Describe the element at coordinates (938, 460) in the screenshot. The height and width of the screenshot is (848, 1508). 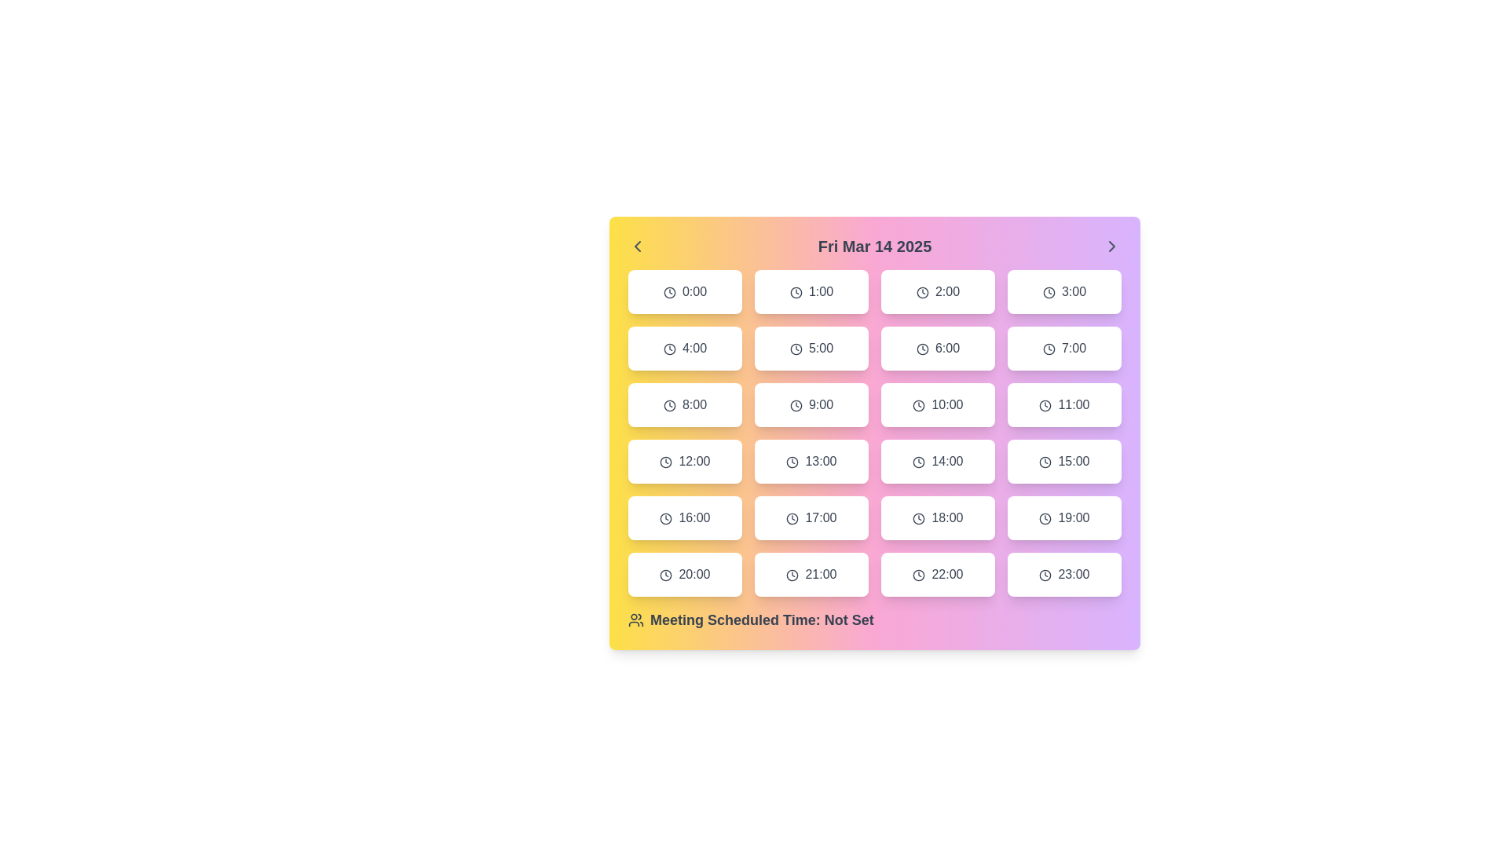
I see `the button that allows users to select the time '14:00' for scheduling or setting a timer, located in the fourth column of the fourth row in the grid structure` at that location.